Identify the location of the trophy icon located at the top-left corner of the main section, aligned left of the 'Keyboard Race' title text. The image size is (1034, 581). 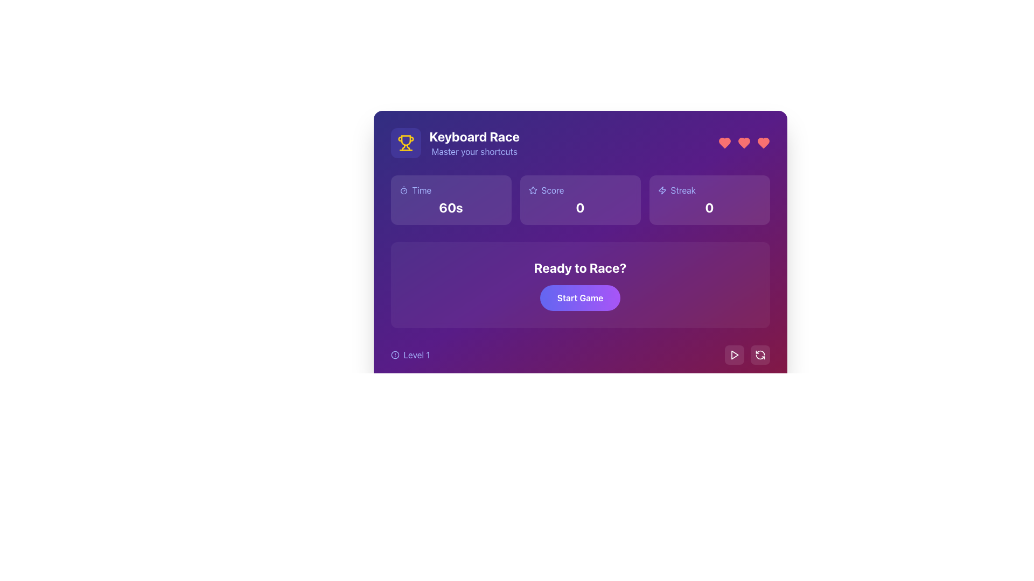
(405, 143).